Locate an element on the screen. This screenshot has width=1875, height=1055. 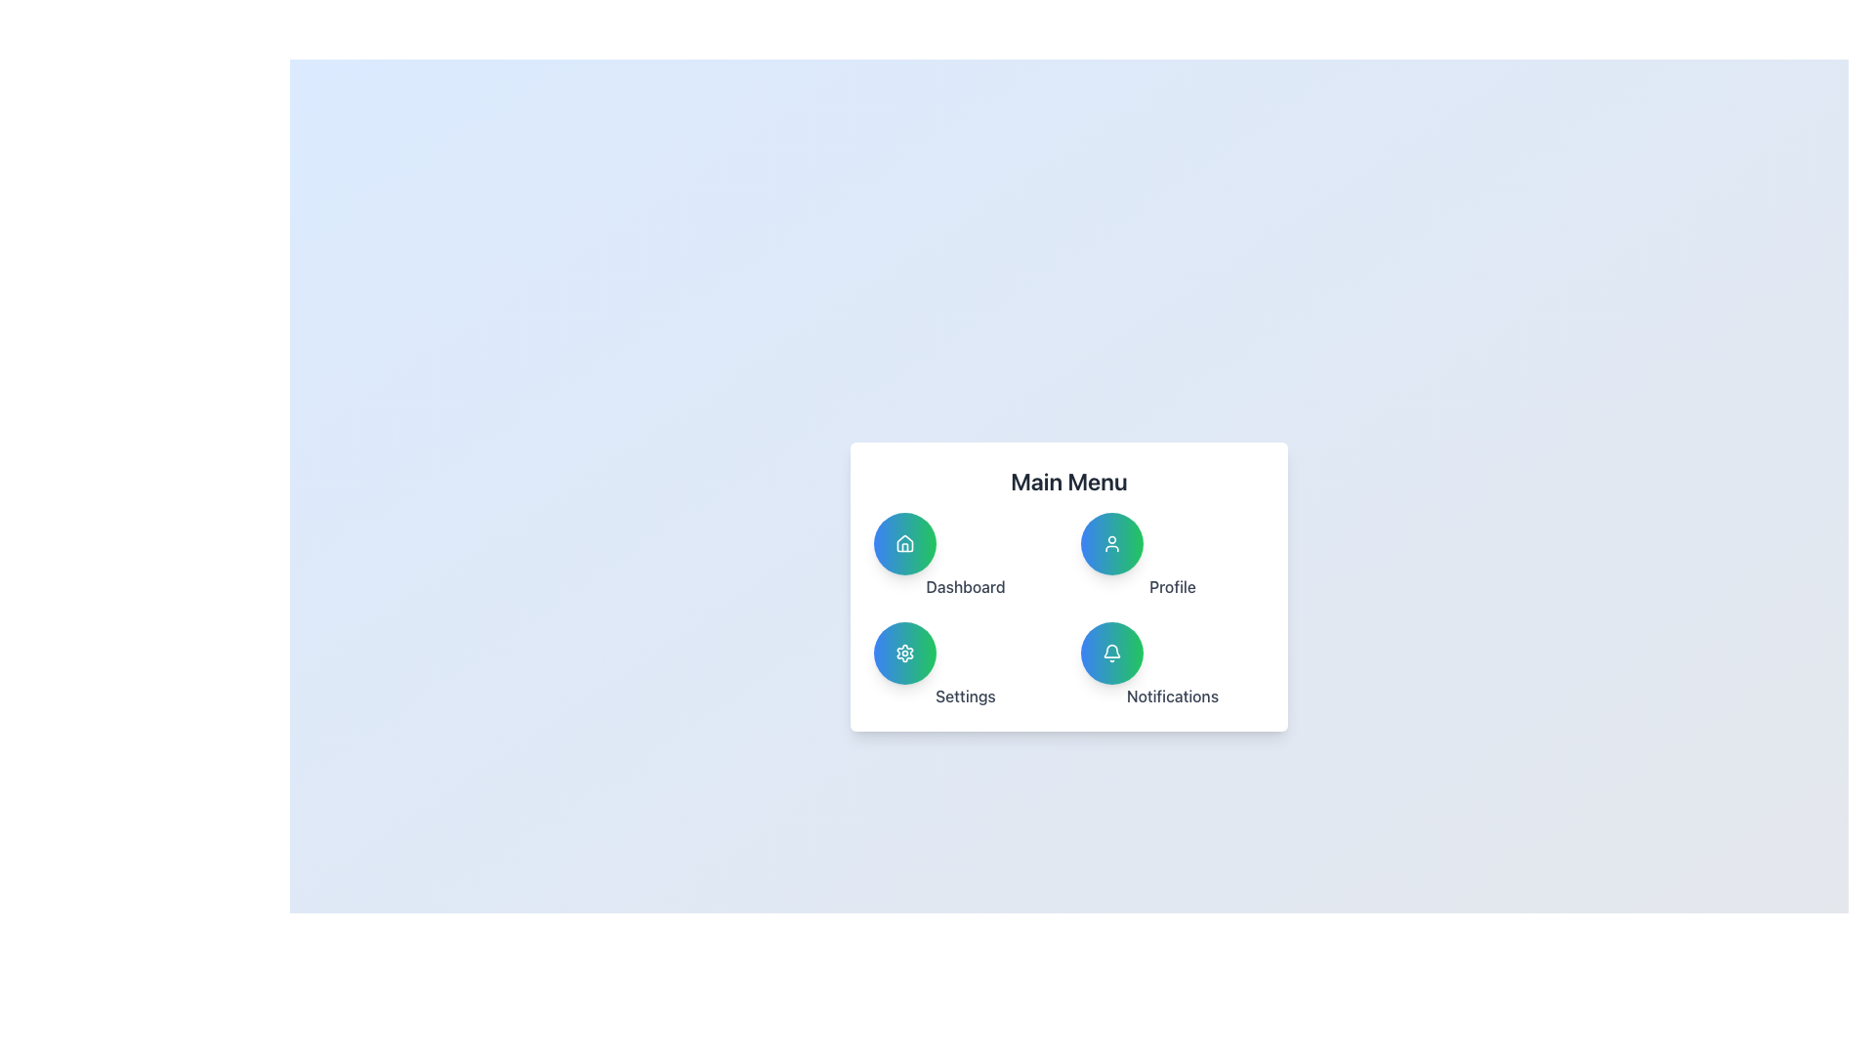
the user profile label in the 'Profile Edit Your Profile Details' section of the settings menu, located below the user profile icon and adjacent to 'Dashboard' and 'Notifications' is located at coordinates (1172, 586).